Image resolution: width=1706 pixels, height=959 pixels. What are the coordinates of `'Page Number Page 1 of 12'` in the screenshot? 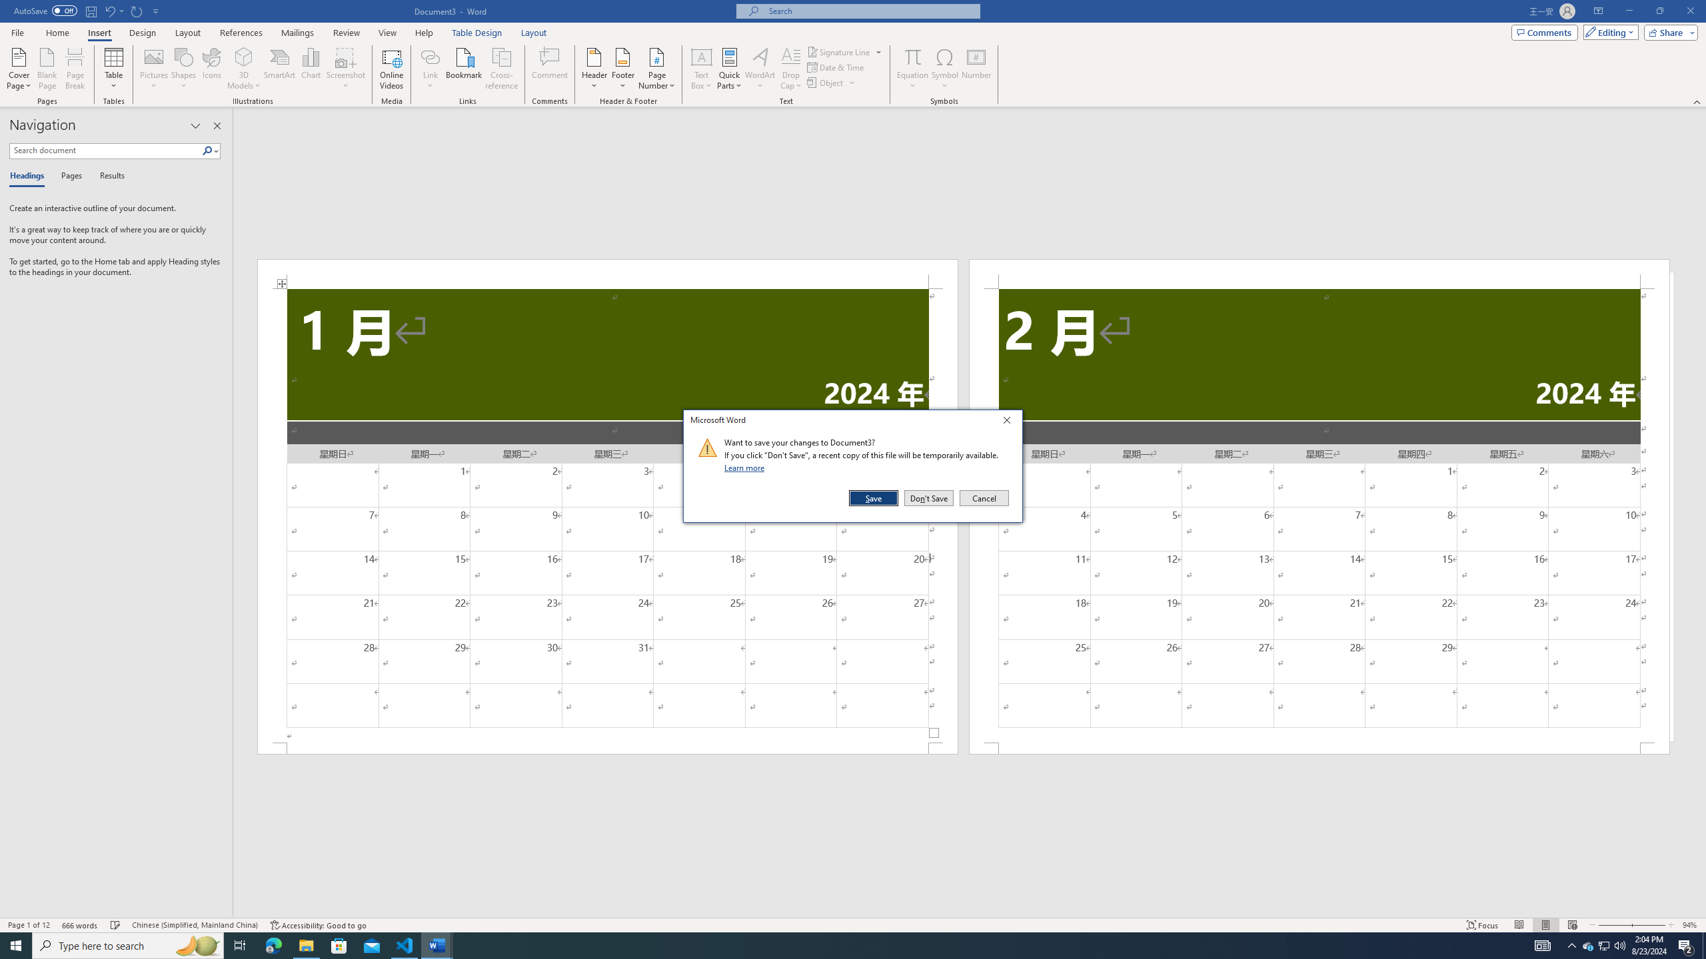 It's located at (28, 925).